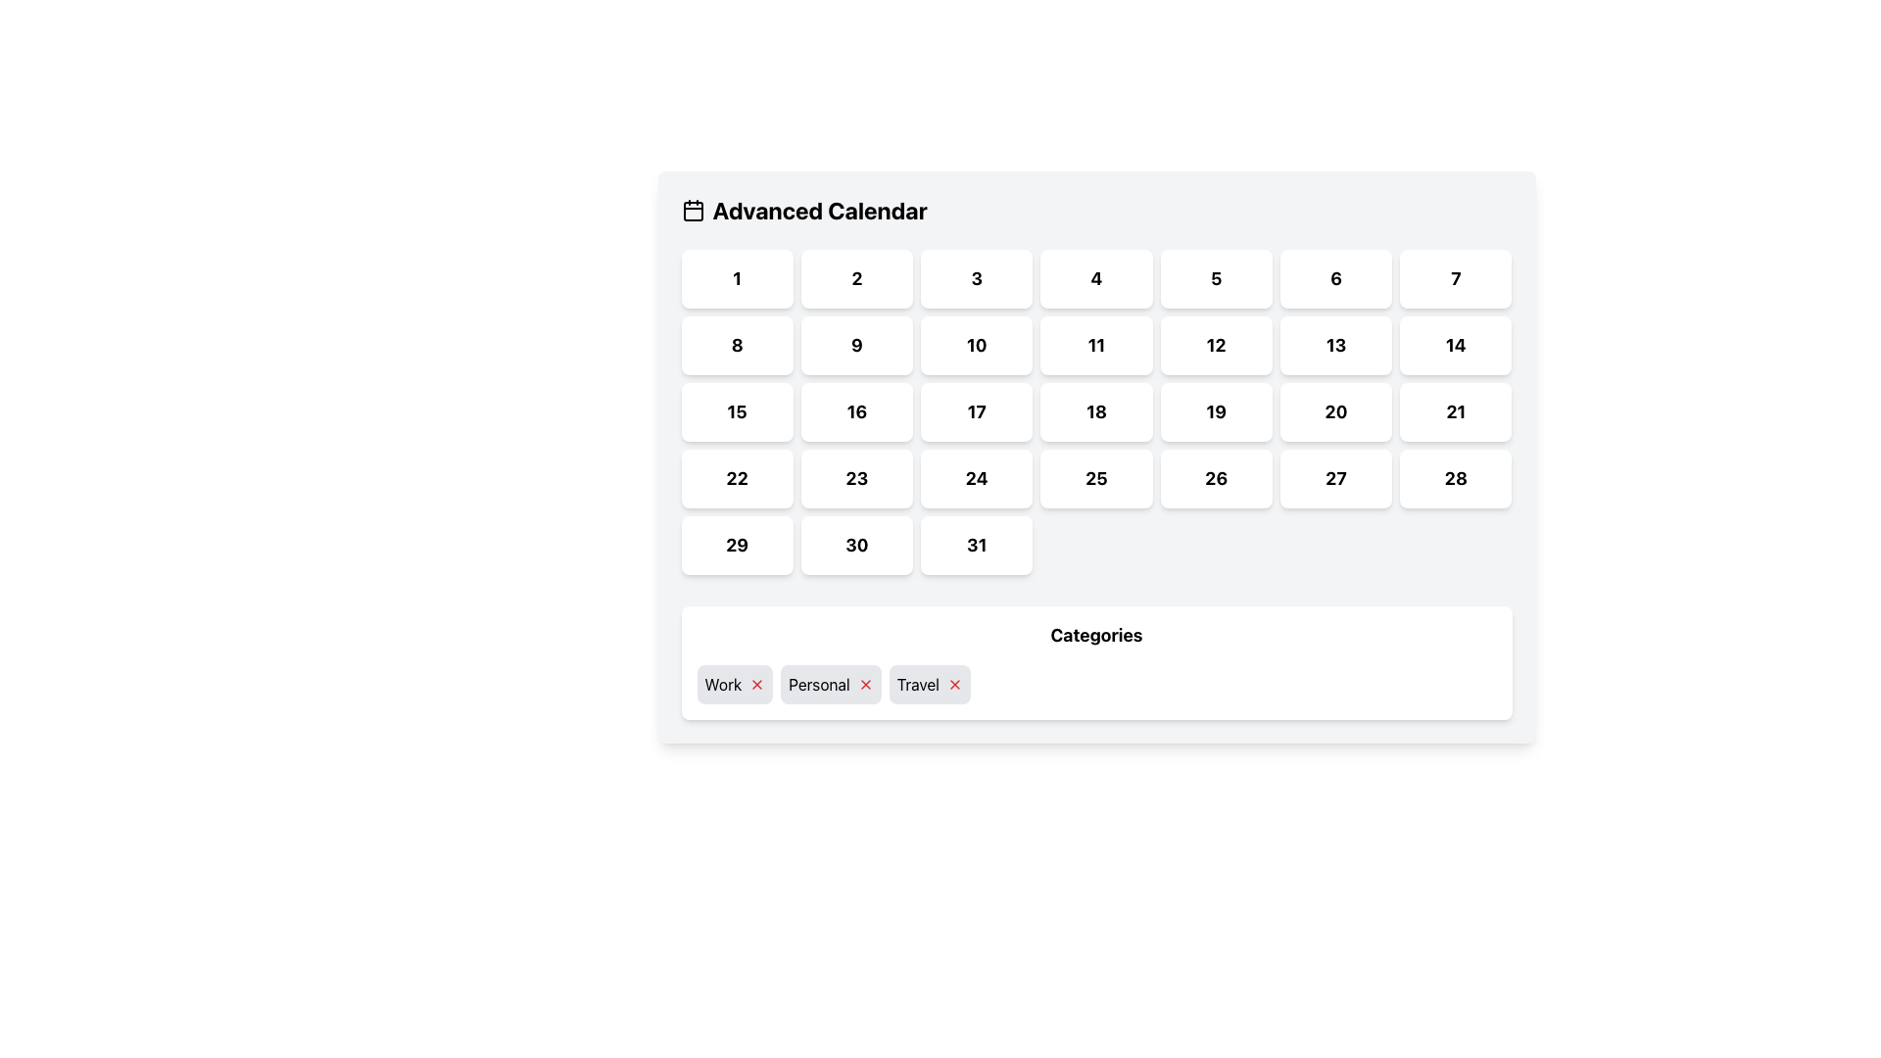 Image resolution: width=1881 pixels, height=1058 pixels. I want to click on the calendar icon located to the left of the text 'Advanced Calendar' in the header section for visual context, so click(693, 211).